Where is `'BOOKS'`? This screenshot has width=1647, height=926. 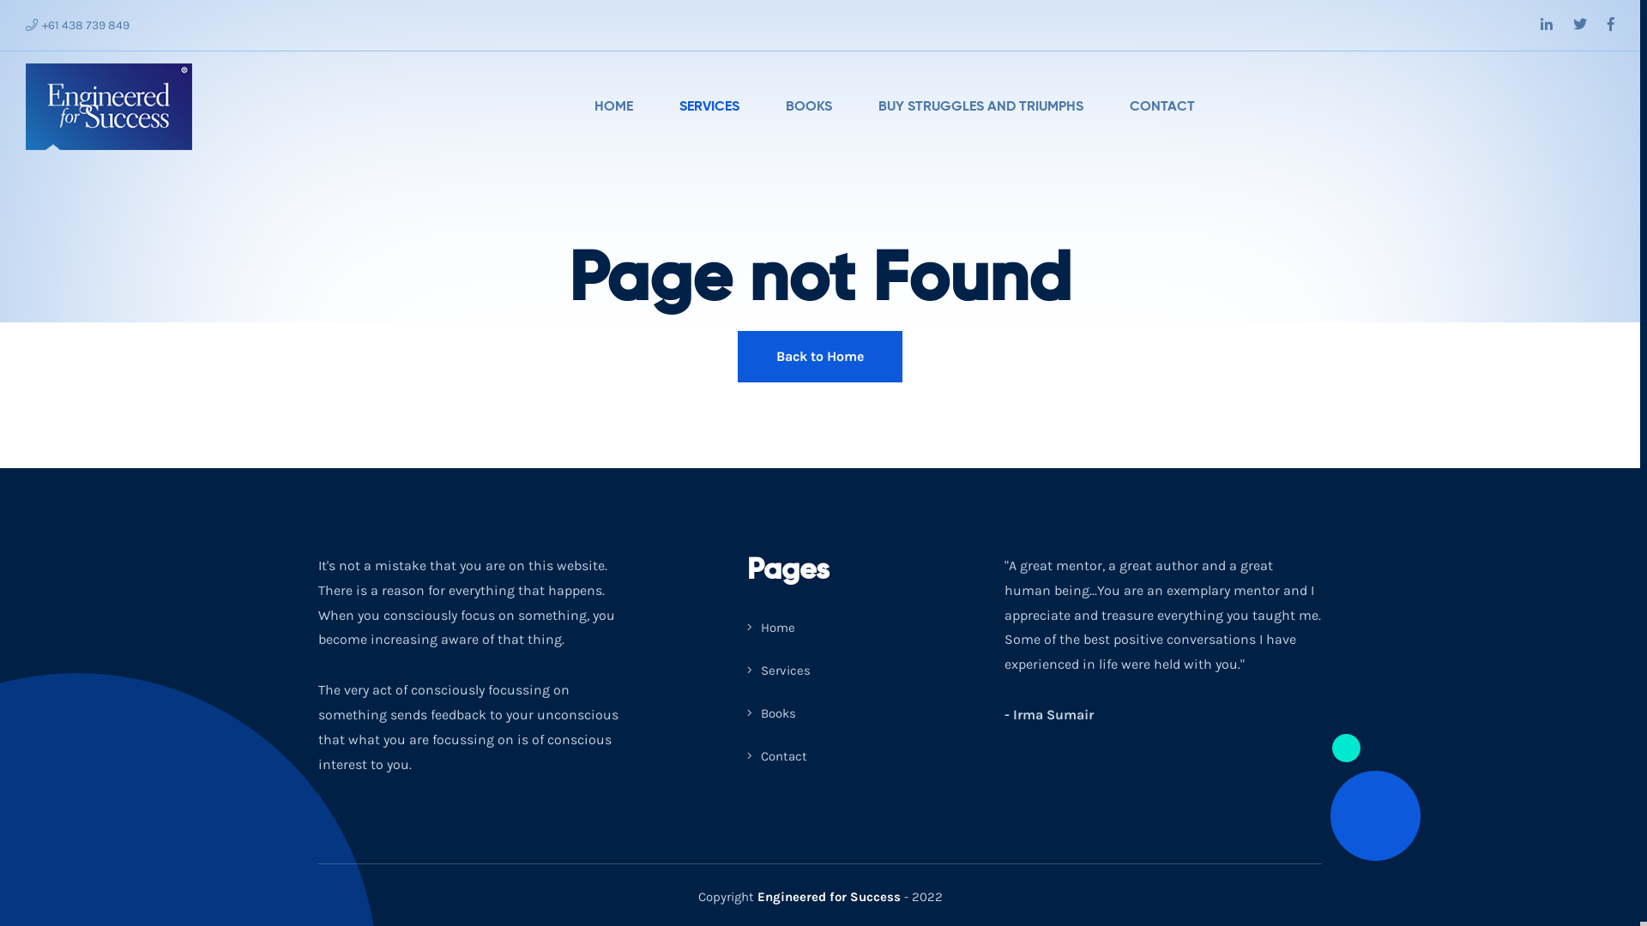
'BOOKS' is located at coordinates (807, 106).